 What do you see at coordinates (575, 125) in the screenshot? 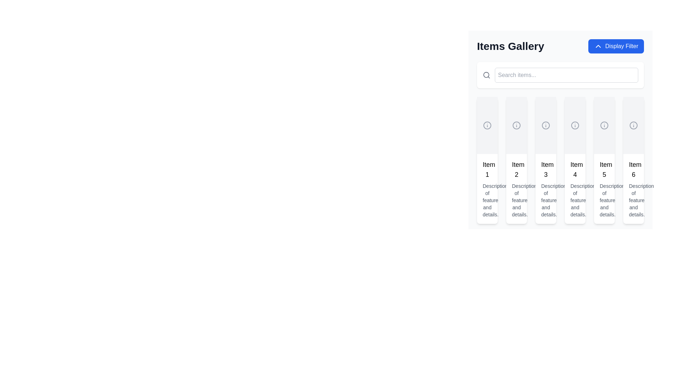
I see `the informational icon located in the fourth position of a horizontal list within the 'Item 4' card in the Items Gallery` at bounding box center [575, 125].